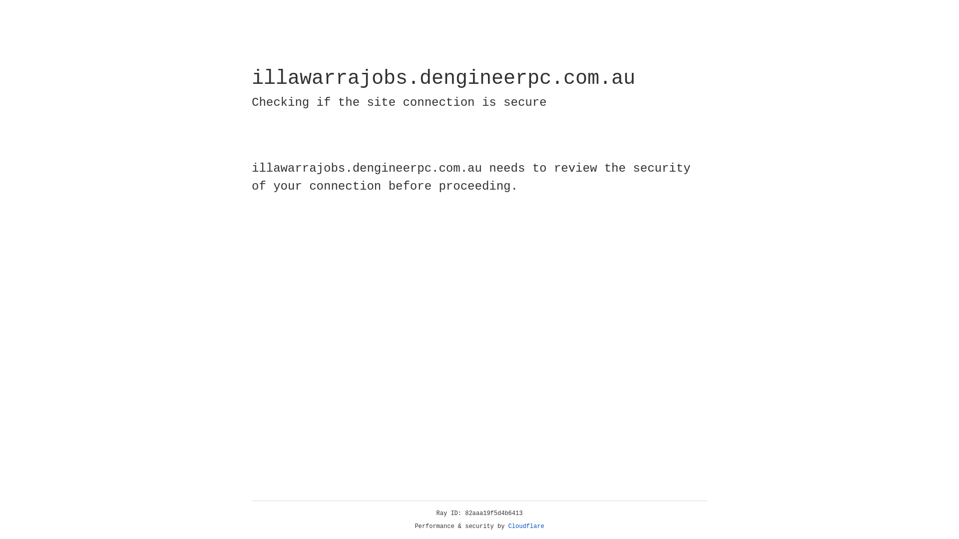 The image size is (959, 539). Describe the element at coordinates (526, 526) in the screenshot. I see `'Cloudflare'` at that location.